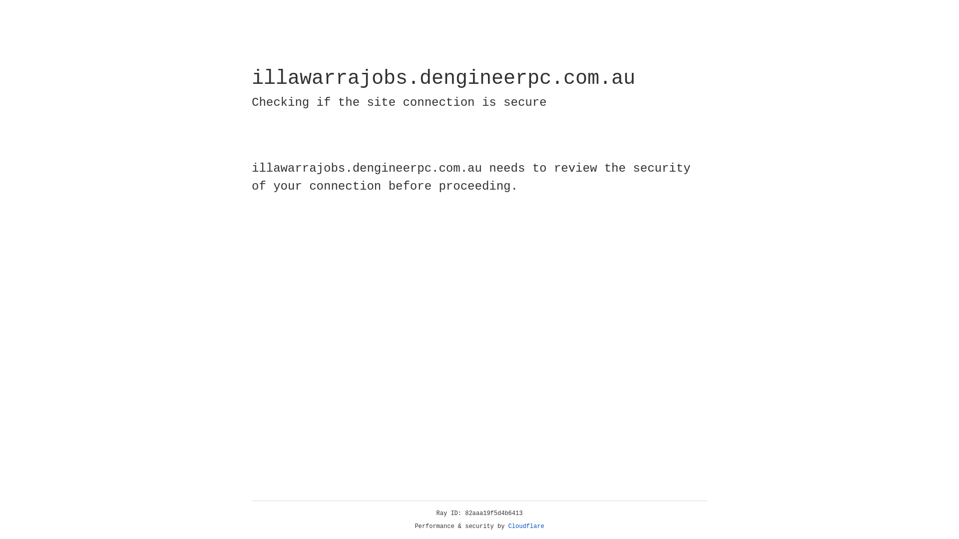 The image size is (959, 539). Describe the element at coordinates (526, 526) in the screenshot. I see `'Cloudflare'` at that location.